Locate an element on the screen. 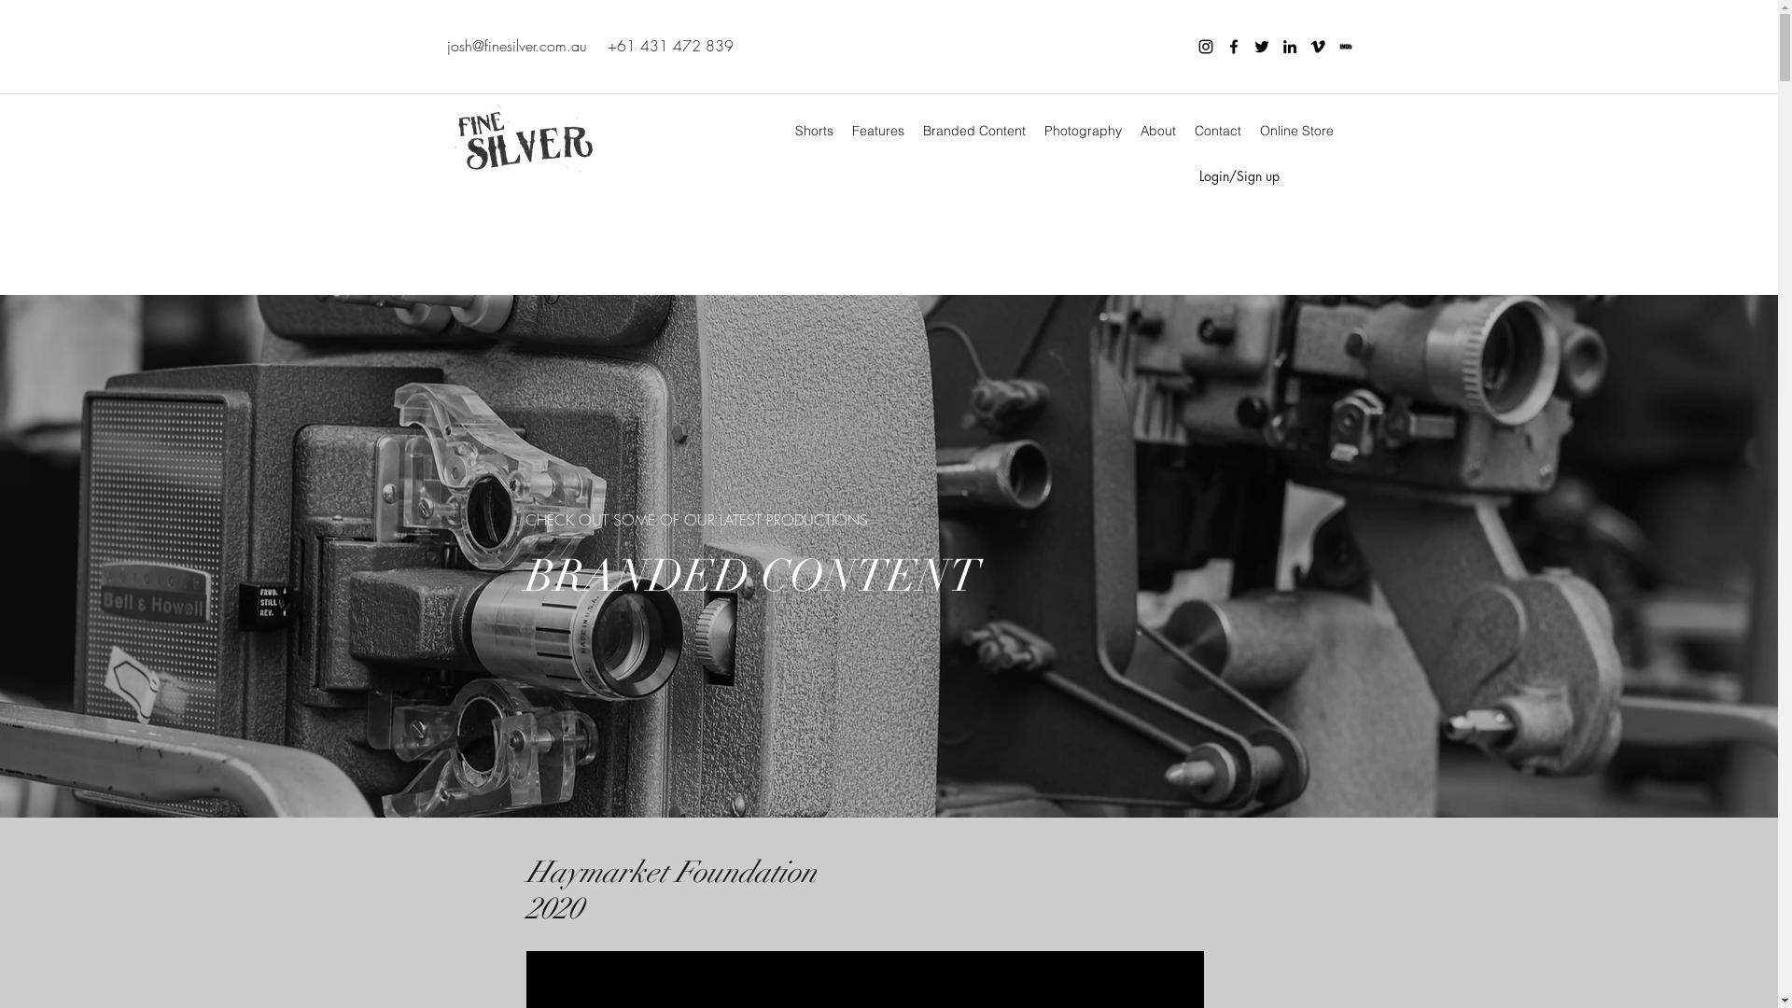 This screenshot has height=1008, width=1792. 'Login/Sign up' is located at coordinates (1238, 176).